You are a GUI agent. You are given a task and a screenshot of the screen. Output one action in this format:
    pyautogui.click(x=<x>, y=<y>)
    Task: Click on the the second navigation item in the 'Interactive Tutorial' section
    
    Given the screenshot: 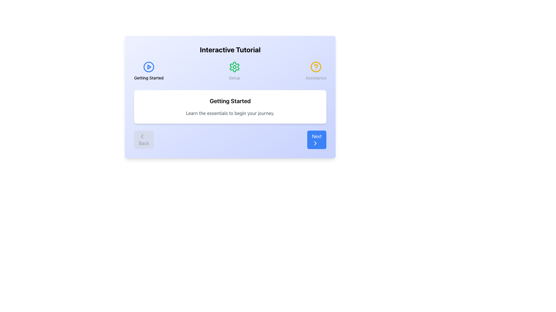 What is the action you would take?
    pyautogui.click(x=230, y=71)
    